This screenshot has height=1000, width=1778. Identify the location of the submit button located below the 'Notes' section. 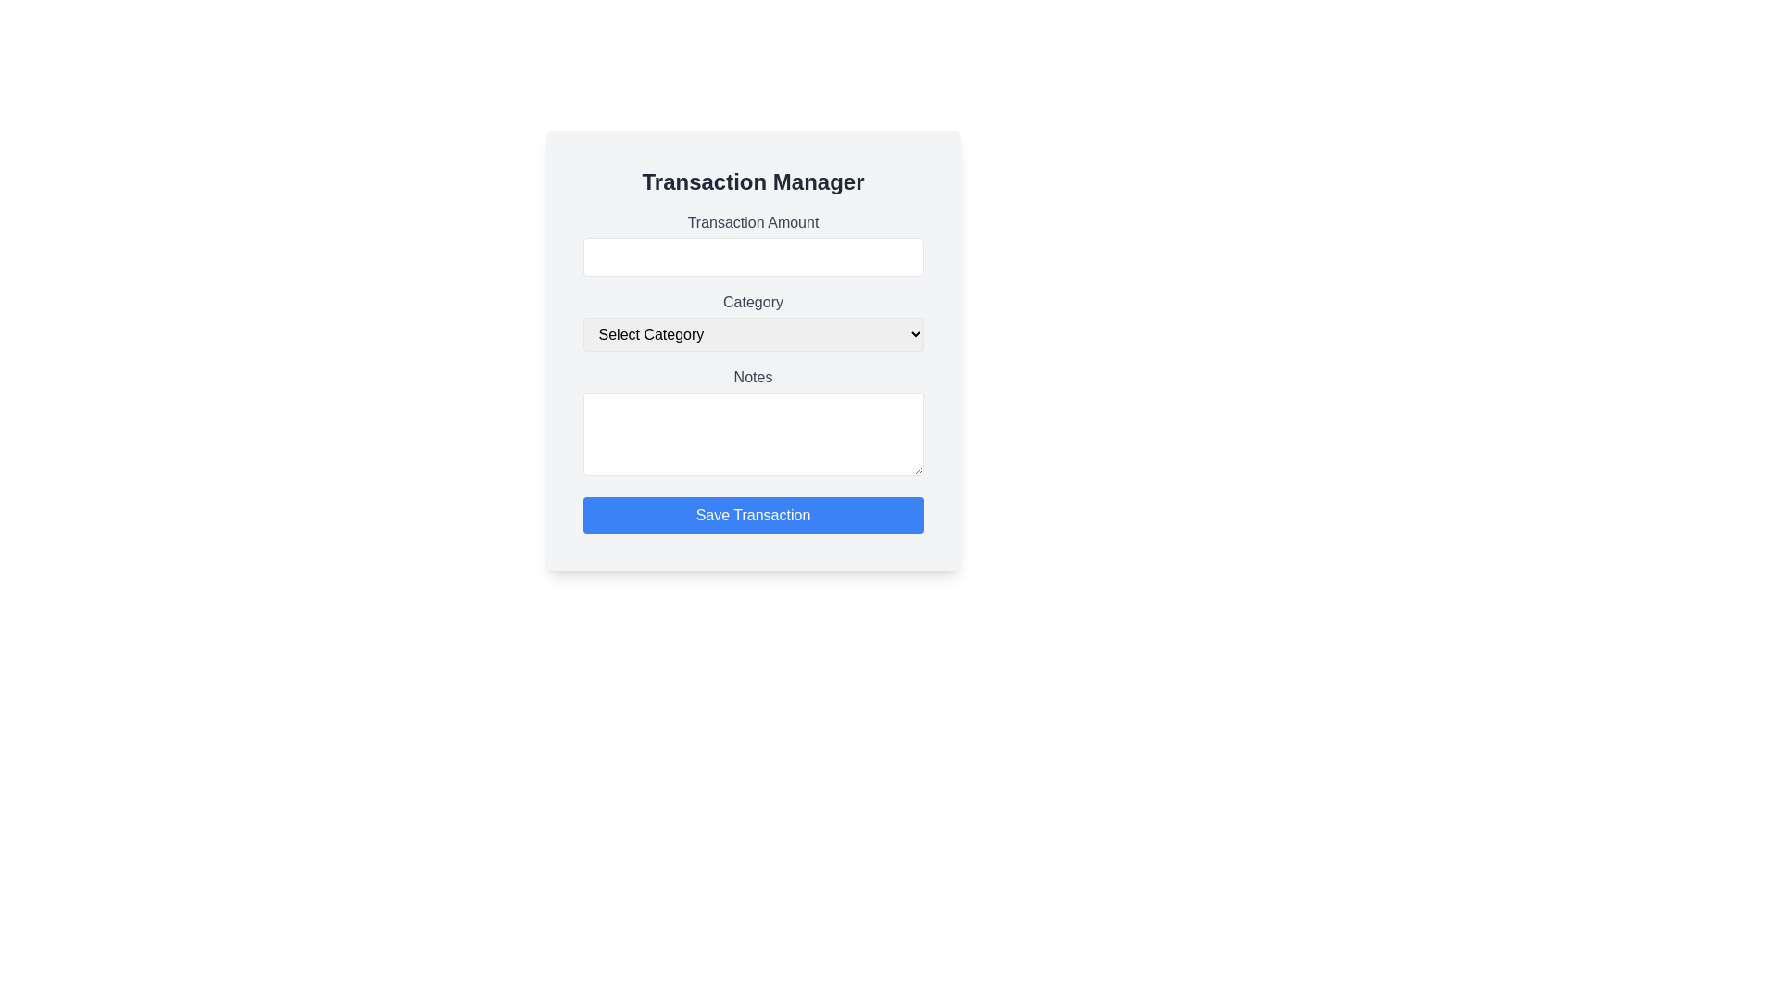
(753, 515).